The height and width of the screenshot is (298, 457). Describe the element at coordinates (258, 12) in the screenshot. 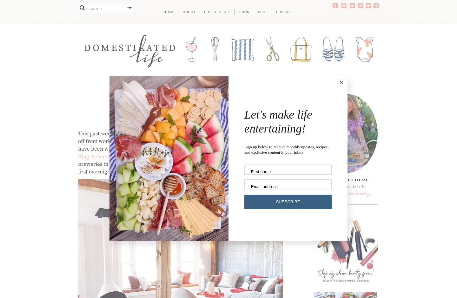

I see `'Shop'` at that location.